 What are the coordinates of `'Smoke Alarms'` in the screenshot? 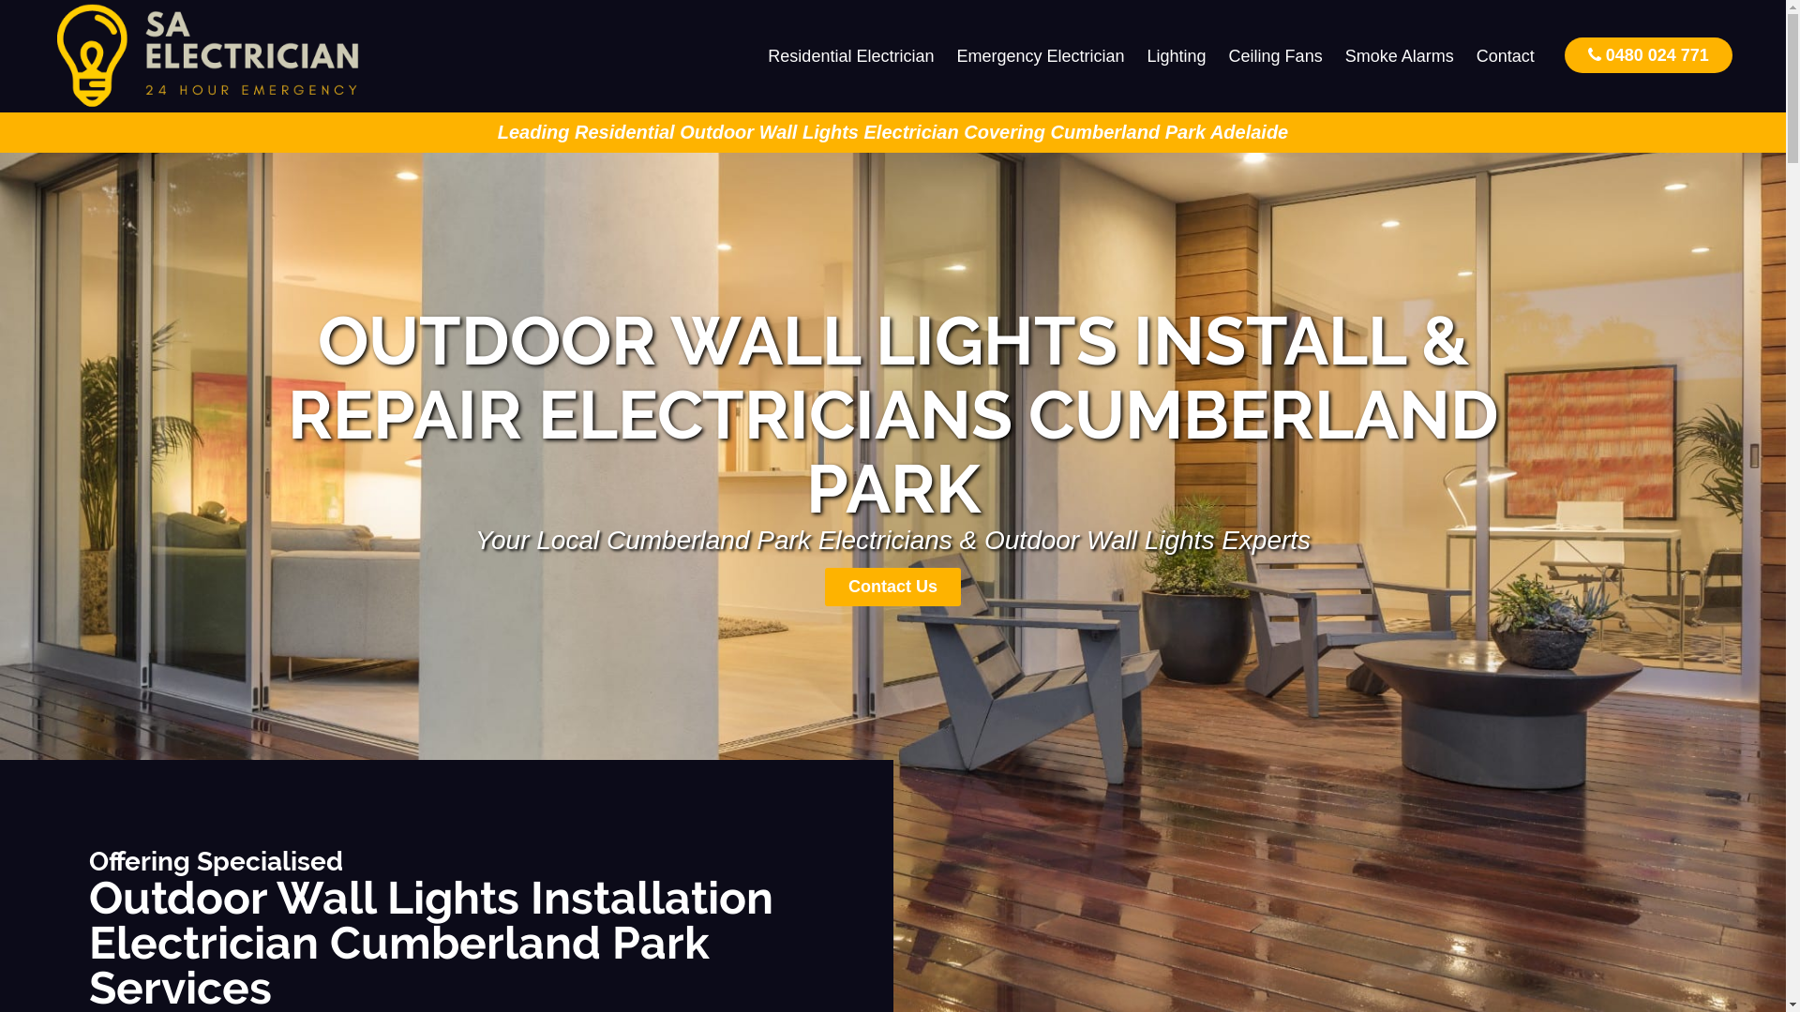 It's located at (1399, 55).